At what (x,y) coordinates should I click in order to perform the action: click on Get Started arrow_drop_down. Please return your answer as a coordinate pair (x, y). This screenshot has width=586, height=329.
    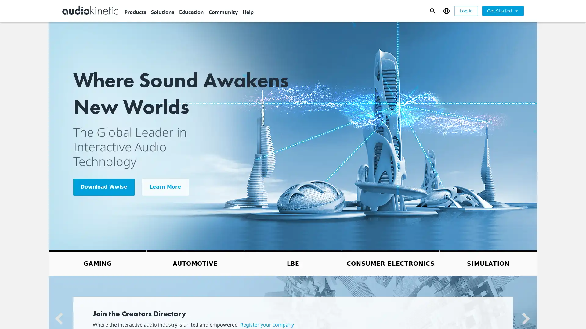
    Looking at the image, I should click on (503, 11).